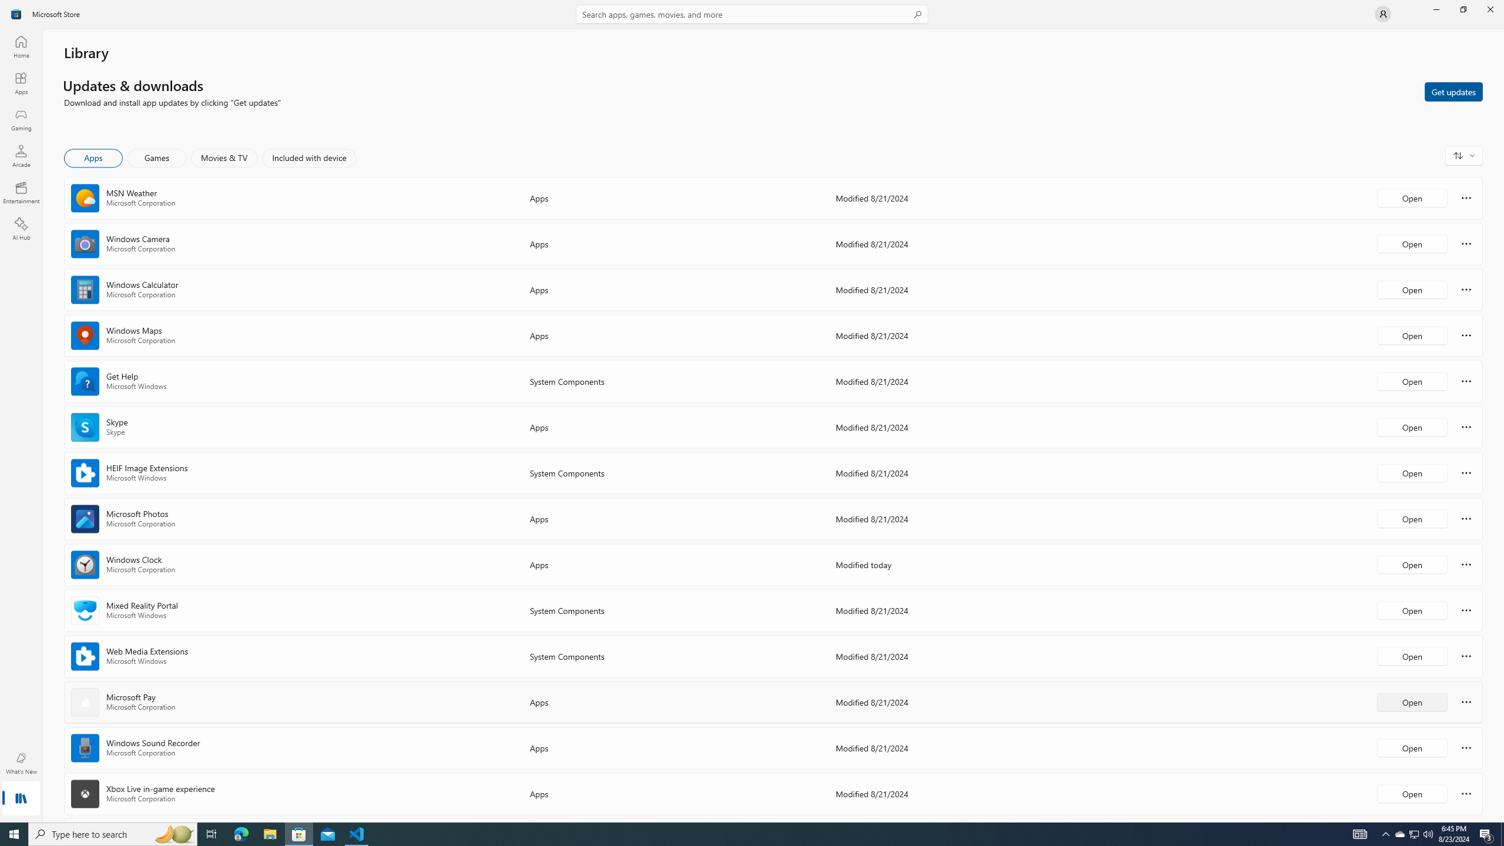 This screenshot has height=846, width=1504. What do you see at coordinates (1463, 155) in the screenshot?
I see `'Sort and filter'` at bounding box center [1463, 155].